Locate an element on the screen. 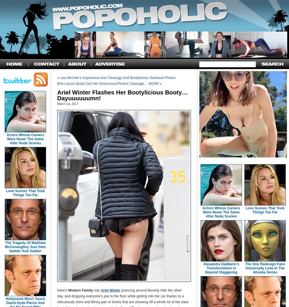 The image size is (289, 307). 'Lea Michele’s Impressive And Cleavagy And Bootylicious Swimsuit Photos' is located at coordinates (117, 78).